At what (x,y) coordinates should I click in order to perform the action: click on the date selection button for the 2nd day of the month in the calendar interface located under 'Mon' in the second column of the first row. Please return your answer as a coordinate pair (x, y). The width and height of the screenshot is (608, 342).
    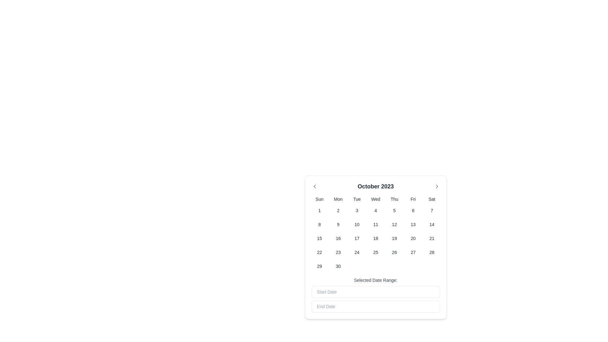
    Looking at the image, I should click on (338, 210).